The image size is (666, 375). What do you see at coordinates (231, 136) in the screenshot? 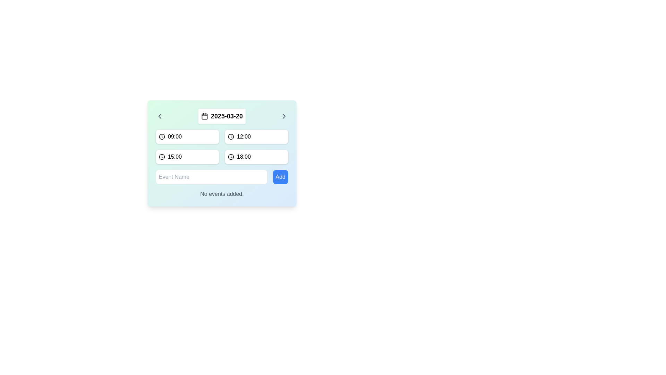
I see `the minimalist clock icon, which is a circular outline with two hands, located to the left of the time text '12:00' in a card displaying scheduled times` at bounding box center [231, 136].